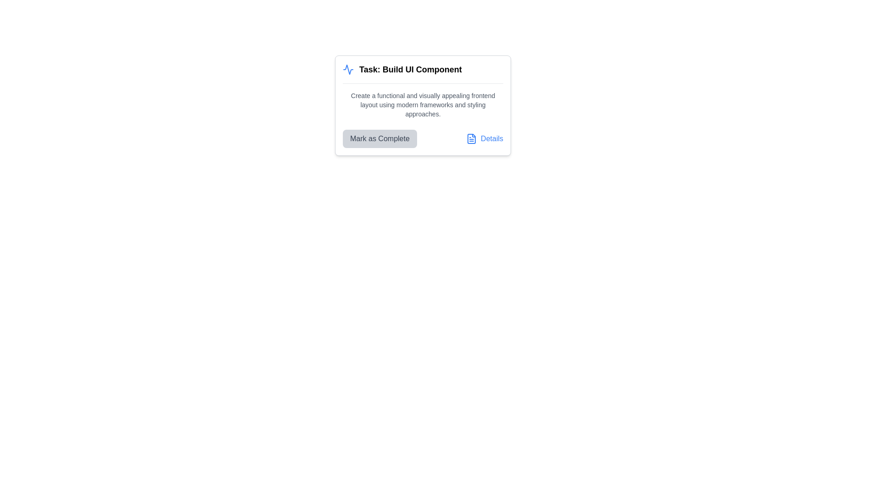  I want to click on the Text header with an icon that displays 'Task: Build UI Component', which is styled prominently and located at the top of the card interface, so click(422, 72).